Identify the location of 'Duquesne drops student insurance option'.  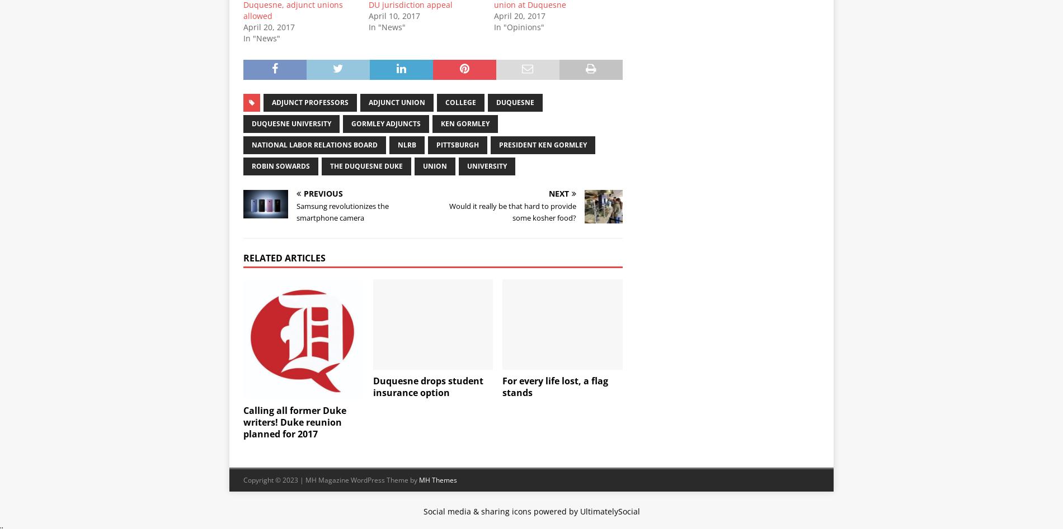
(427, 385).